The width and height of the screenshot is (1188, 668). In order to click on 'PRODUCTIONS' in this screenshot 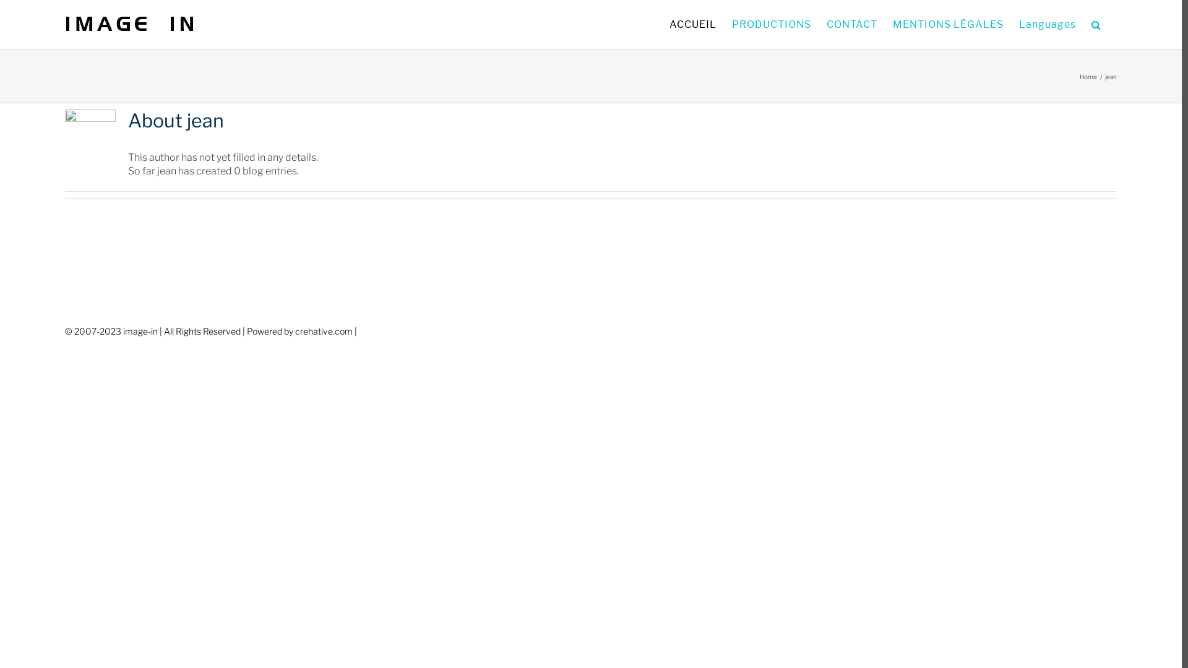, I will do `click(771, 24)`.